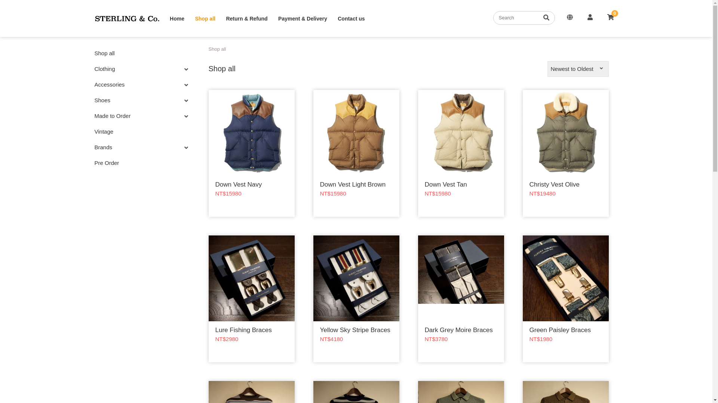 Image resolution: width=718 pixels, height=403 pixels. What do you see at coordinates (565, 299) in the screenshot?
I see `'Green Paisley Braces` at bounding box center [565, 299].